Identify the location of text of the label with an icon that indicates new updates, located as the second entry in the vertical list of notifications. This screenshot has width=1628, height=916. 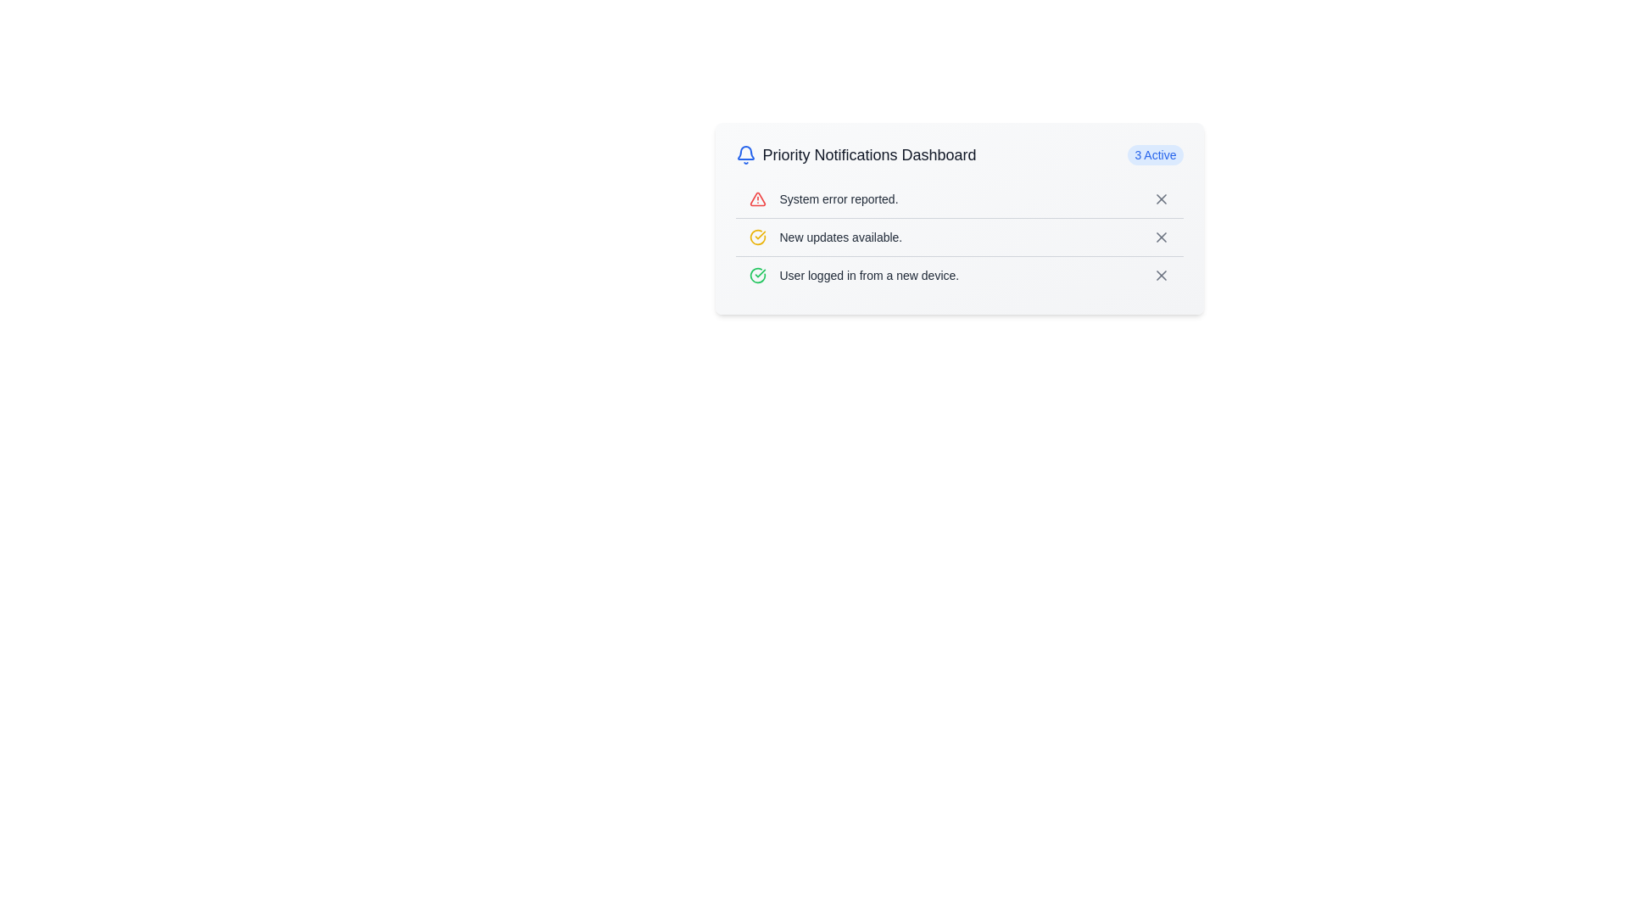
(825, 237).